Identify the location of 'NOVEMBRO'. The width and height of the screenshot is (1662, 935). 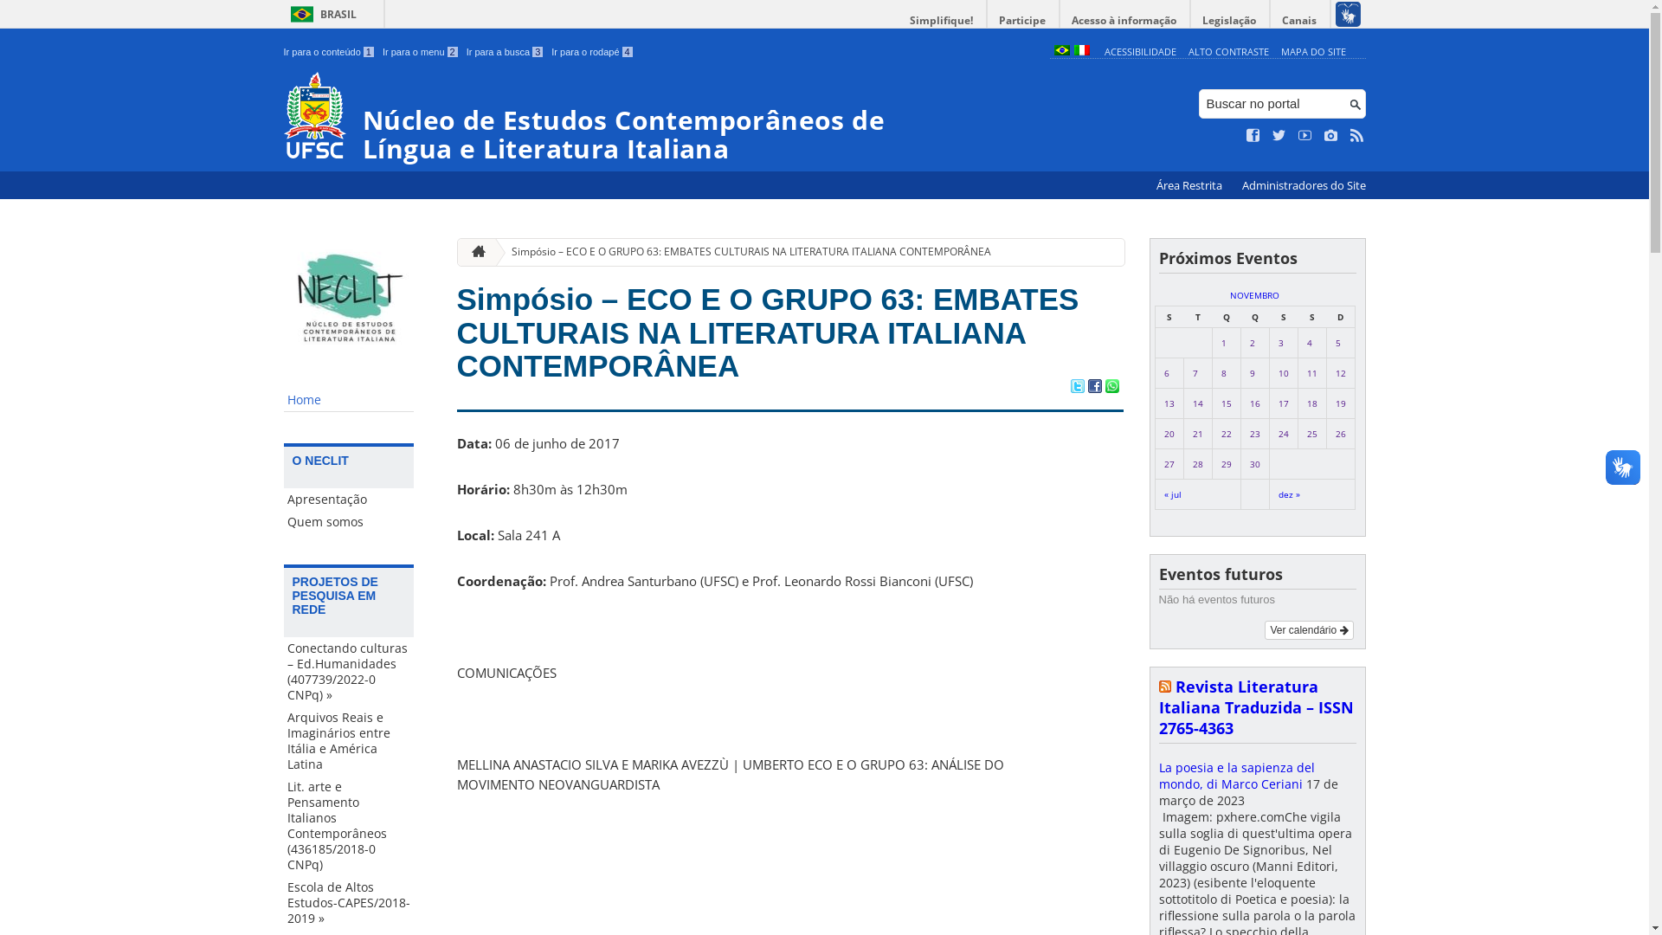
(1228, 293).